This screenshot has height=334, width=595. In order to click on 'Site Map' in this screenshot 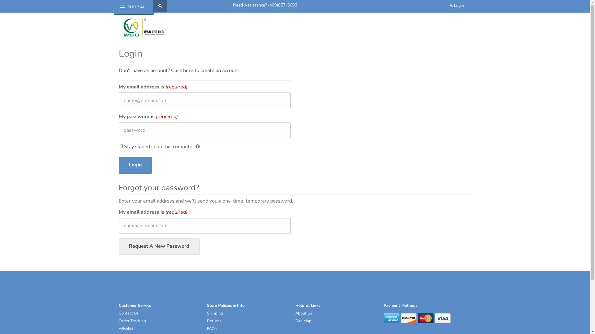, I will do `click(303, 320)`.